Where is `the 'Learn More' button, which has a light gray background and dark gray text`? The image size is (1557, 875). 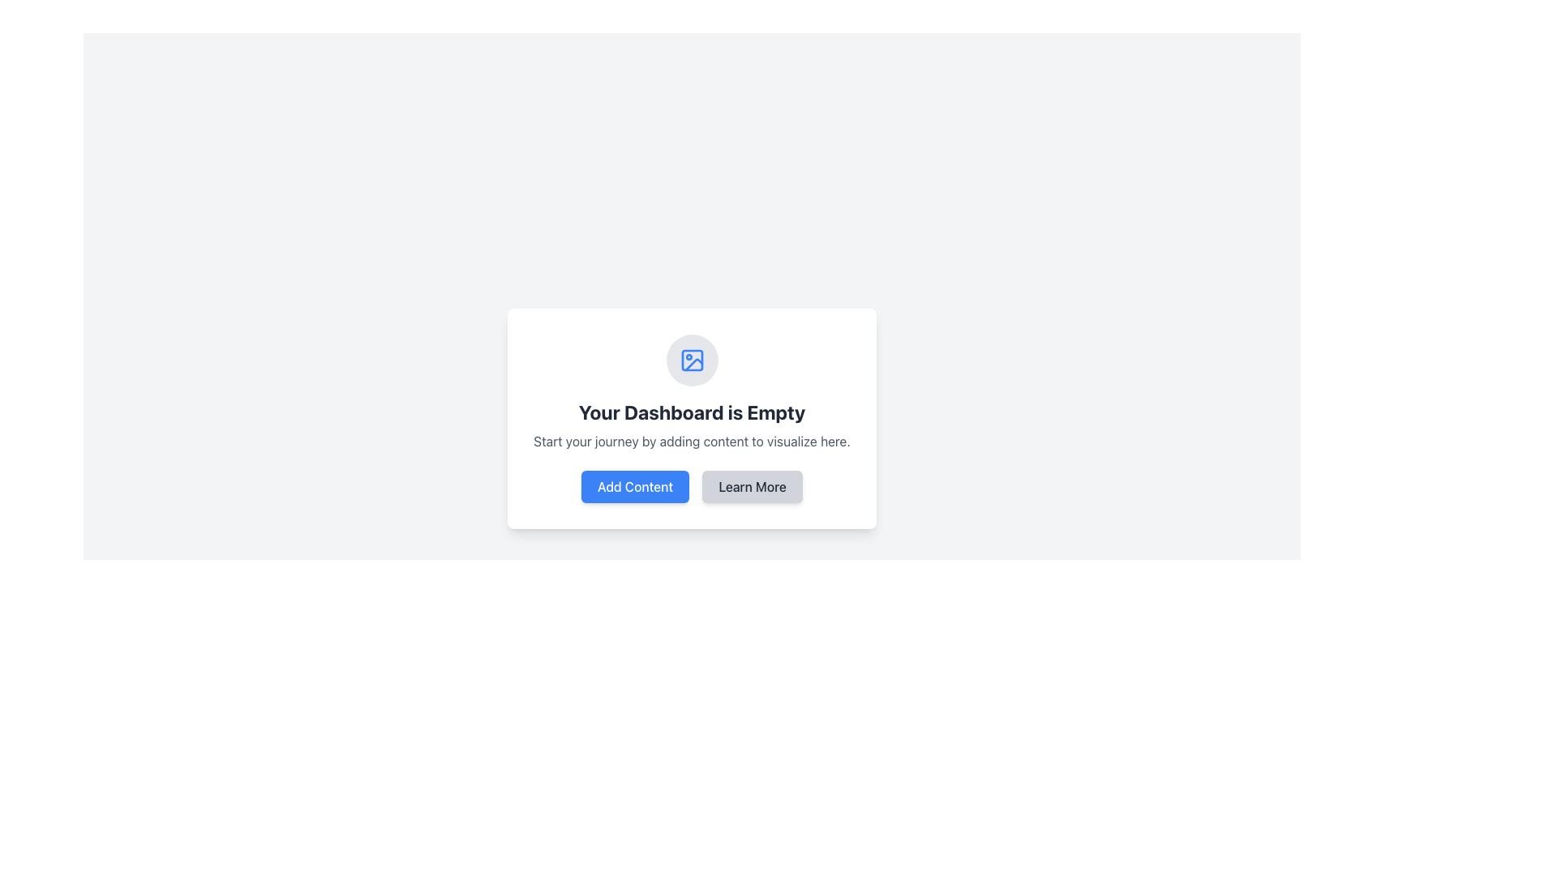 the 'Learn More' button, which has a light gray background and dark gray text is located at coordinates (752, 486).